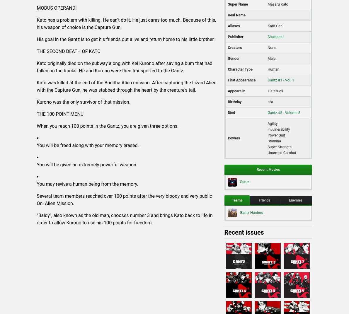 This screenshot has height=314, width=349. What do you see at coordinates (87, 145) in the screenshot?
I see `'You will be freed along with your memory erased.'` at bounding box center [87, 145].